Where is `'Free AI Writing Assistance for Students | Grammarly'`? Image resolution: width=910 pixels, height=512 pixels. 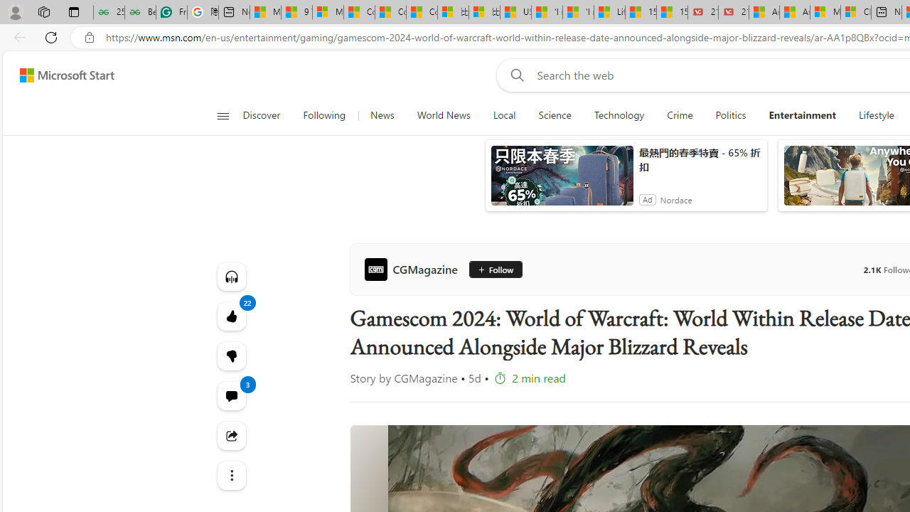
'Free AI Writing Assistance for Students | Grammarly' is located at coordinates (171, 12).